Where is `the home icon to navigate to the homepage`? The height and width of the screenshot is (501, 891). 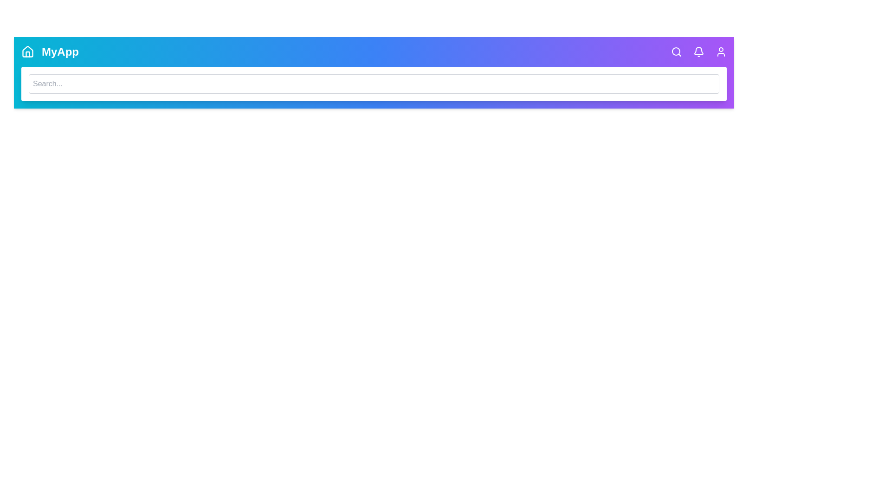 the home icon to navigate to the homepage is located at coordinates (27, 51).